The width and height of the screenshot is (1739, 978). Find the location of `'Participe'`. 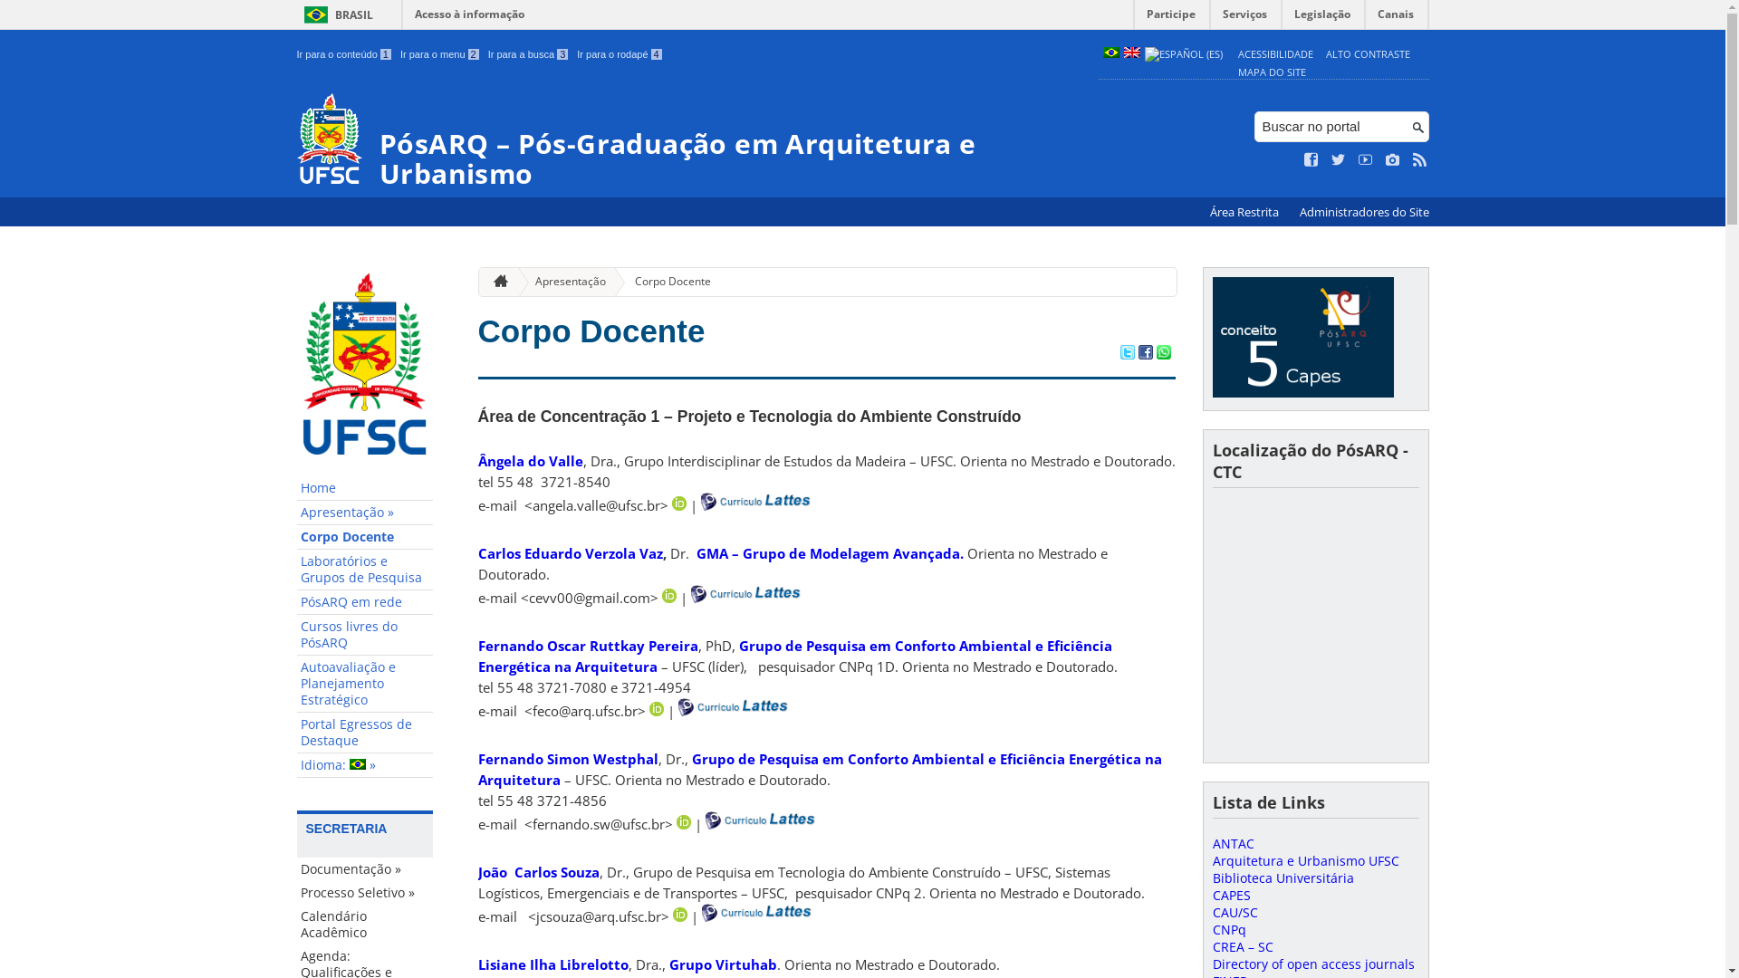

'Participe' is located at coordinates (1170, 18).